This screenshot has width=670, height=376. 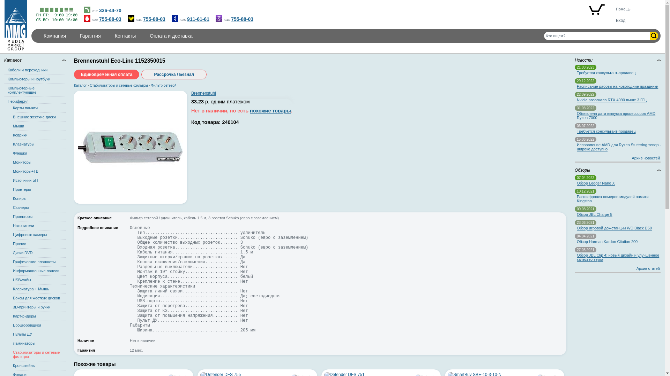 What do you see at coordinates (154, 18) in the screenshot?
I see `'755-88-03'` at bounding box center [154, 18].